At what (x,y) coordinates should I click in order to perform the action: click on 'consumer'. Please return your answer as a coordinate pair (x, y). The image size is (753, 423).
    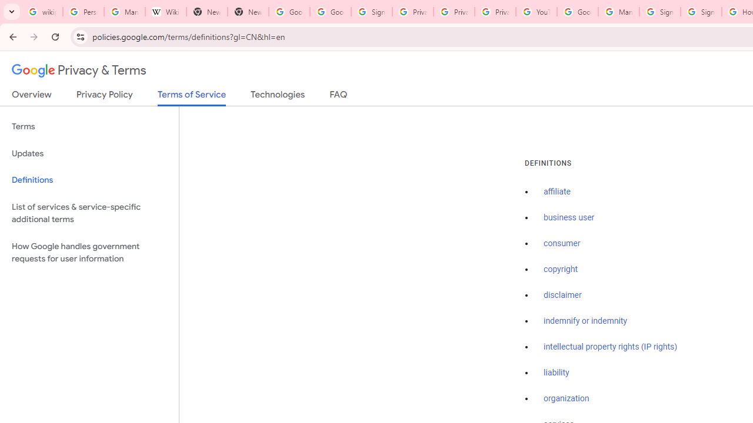
    Looking at the image, I should click on (561, 243).